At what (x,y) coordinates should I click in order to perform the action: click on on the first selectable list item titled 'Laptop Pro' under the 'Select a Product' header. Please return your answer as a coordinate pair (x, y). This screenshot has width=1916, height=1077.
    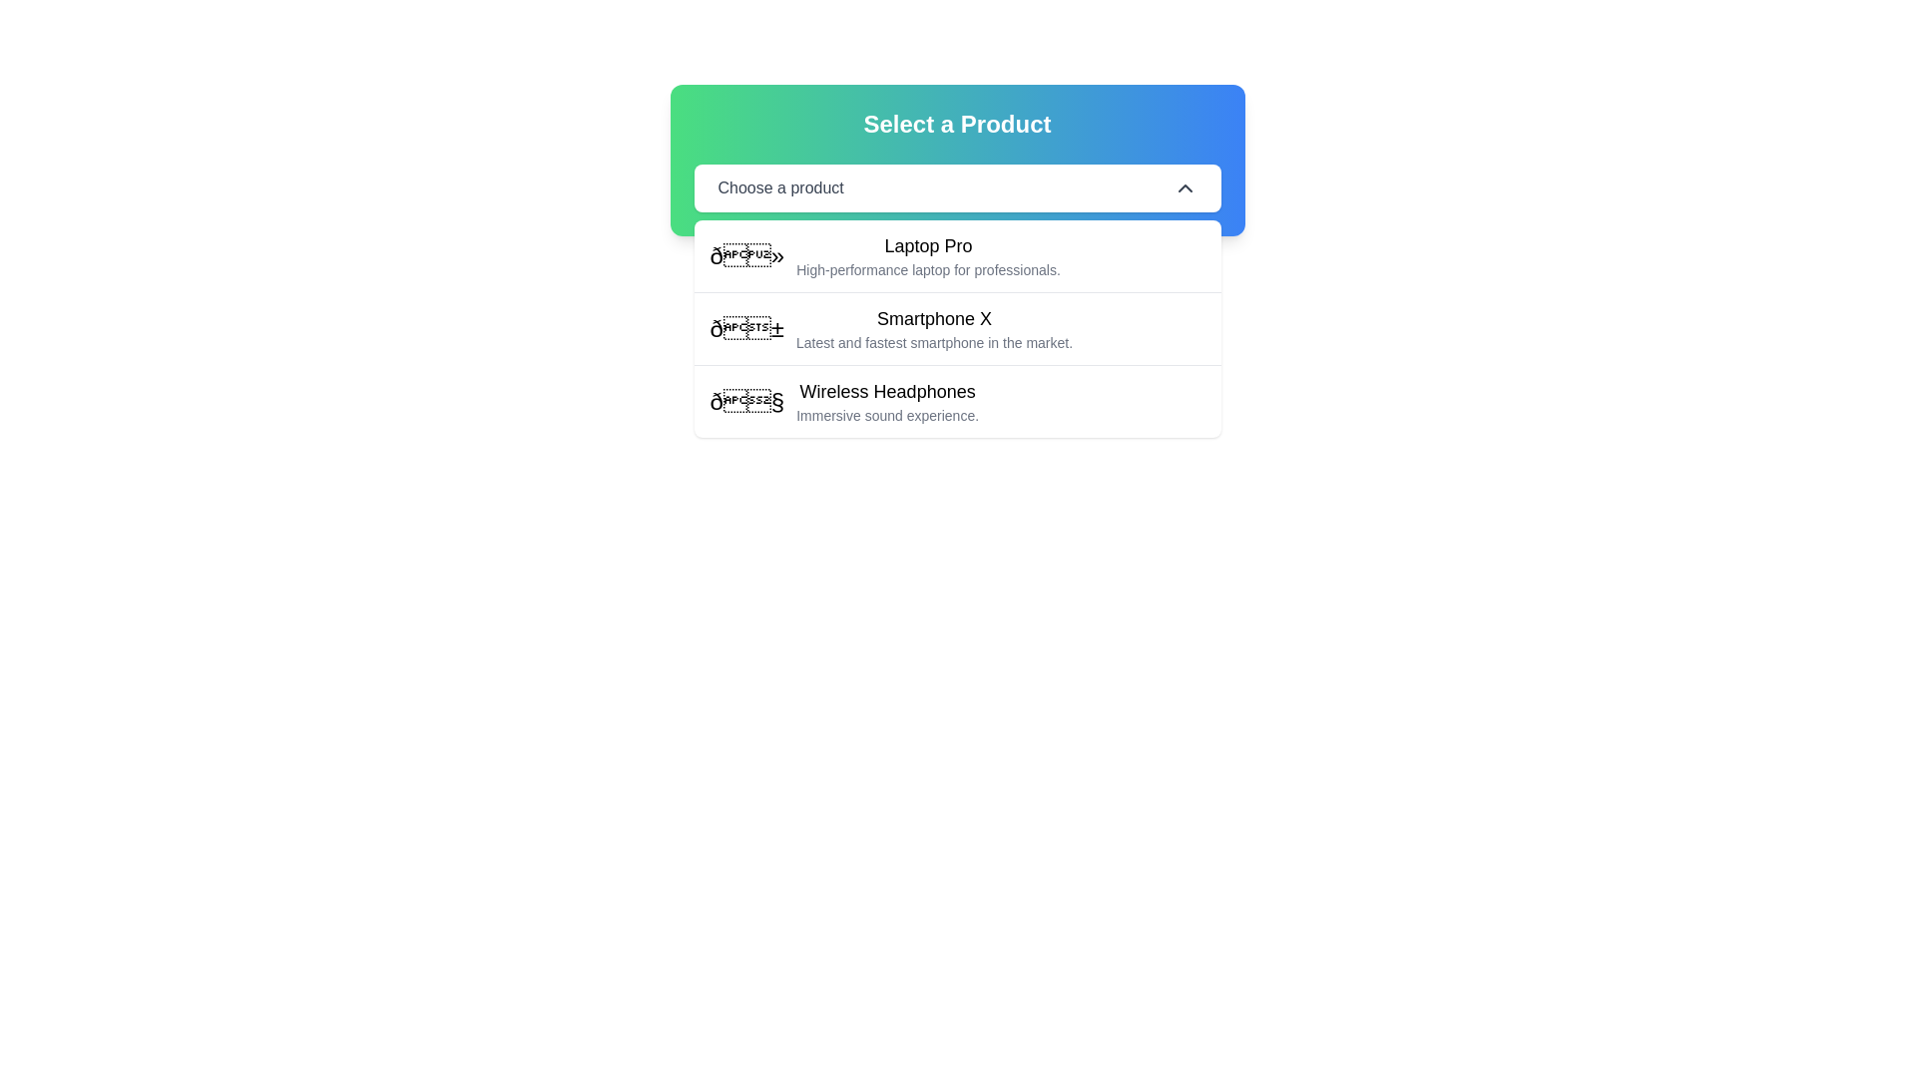
    Looking at the image, I should click on (956, 255).